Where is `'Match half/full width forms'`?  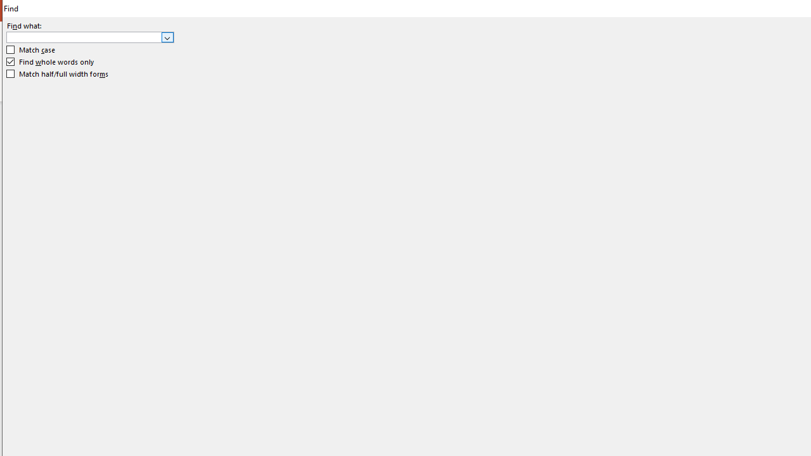 'Match half/full width forms' is located at coordinates (57, 74).